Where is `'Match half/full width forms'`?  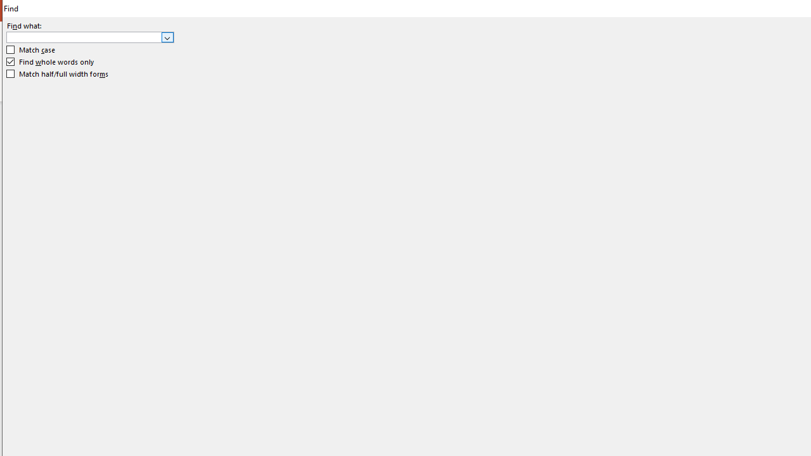 'Match half/full width forms' is located at coordinates (57, 74).